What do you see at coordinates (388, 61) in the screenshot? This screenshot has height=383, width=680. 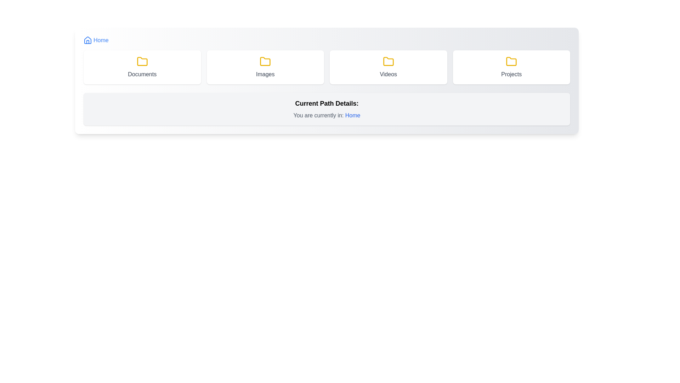 I see `the folder icon representing the 'Videos' category, which is located between the 'Images' section on the left and the 'Projects' section on the right` at bounding box center [388, 61].